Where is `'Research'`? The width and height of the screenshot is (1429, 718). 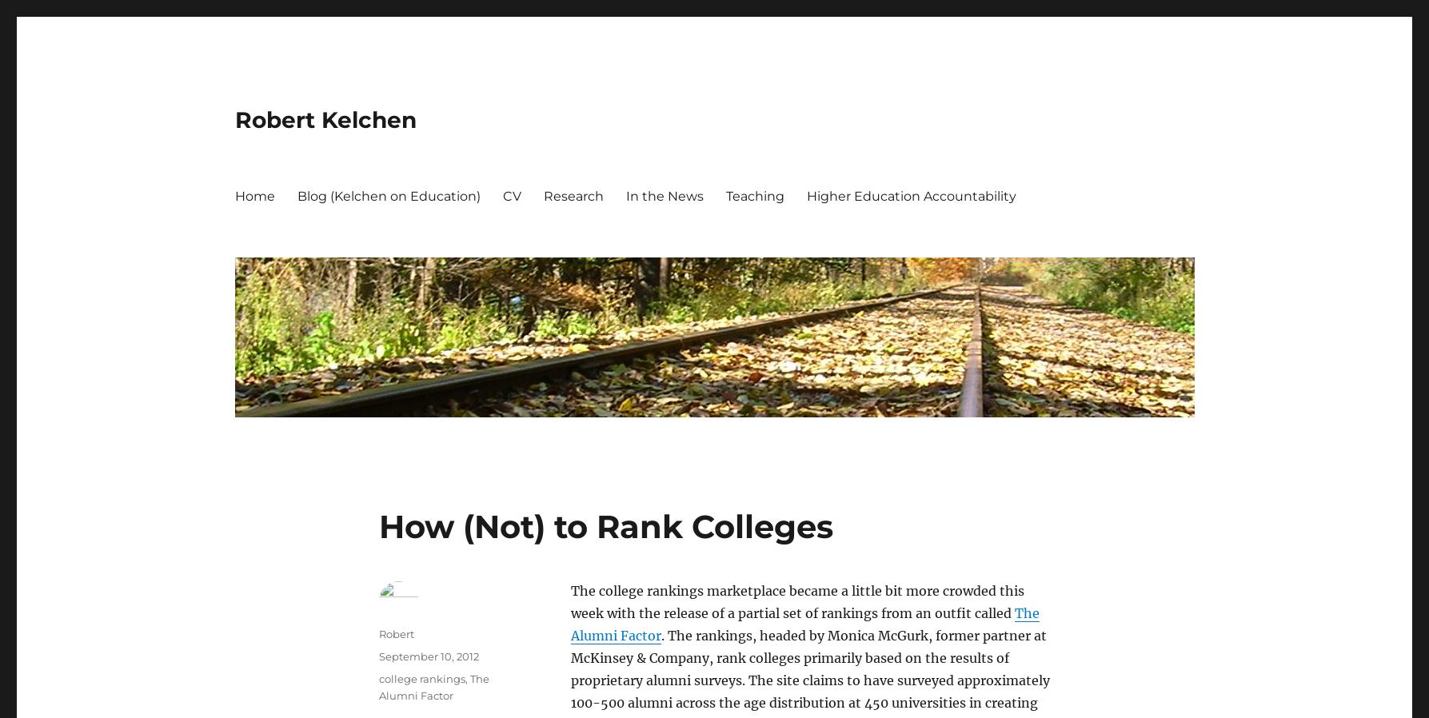 'Research' is located at coordinates (573, 195).